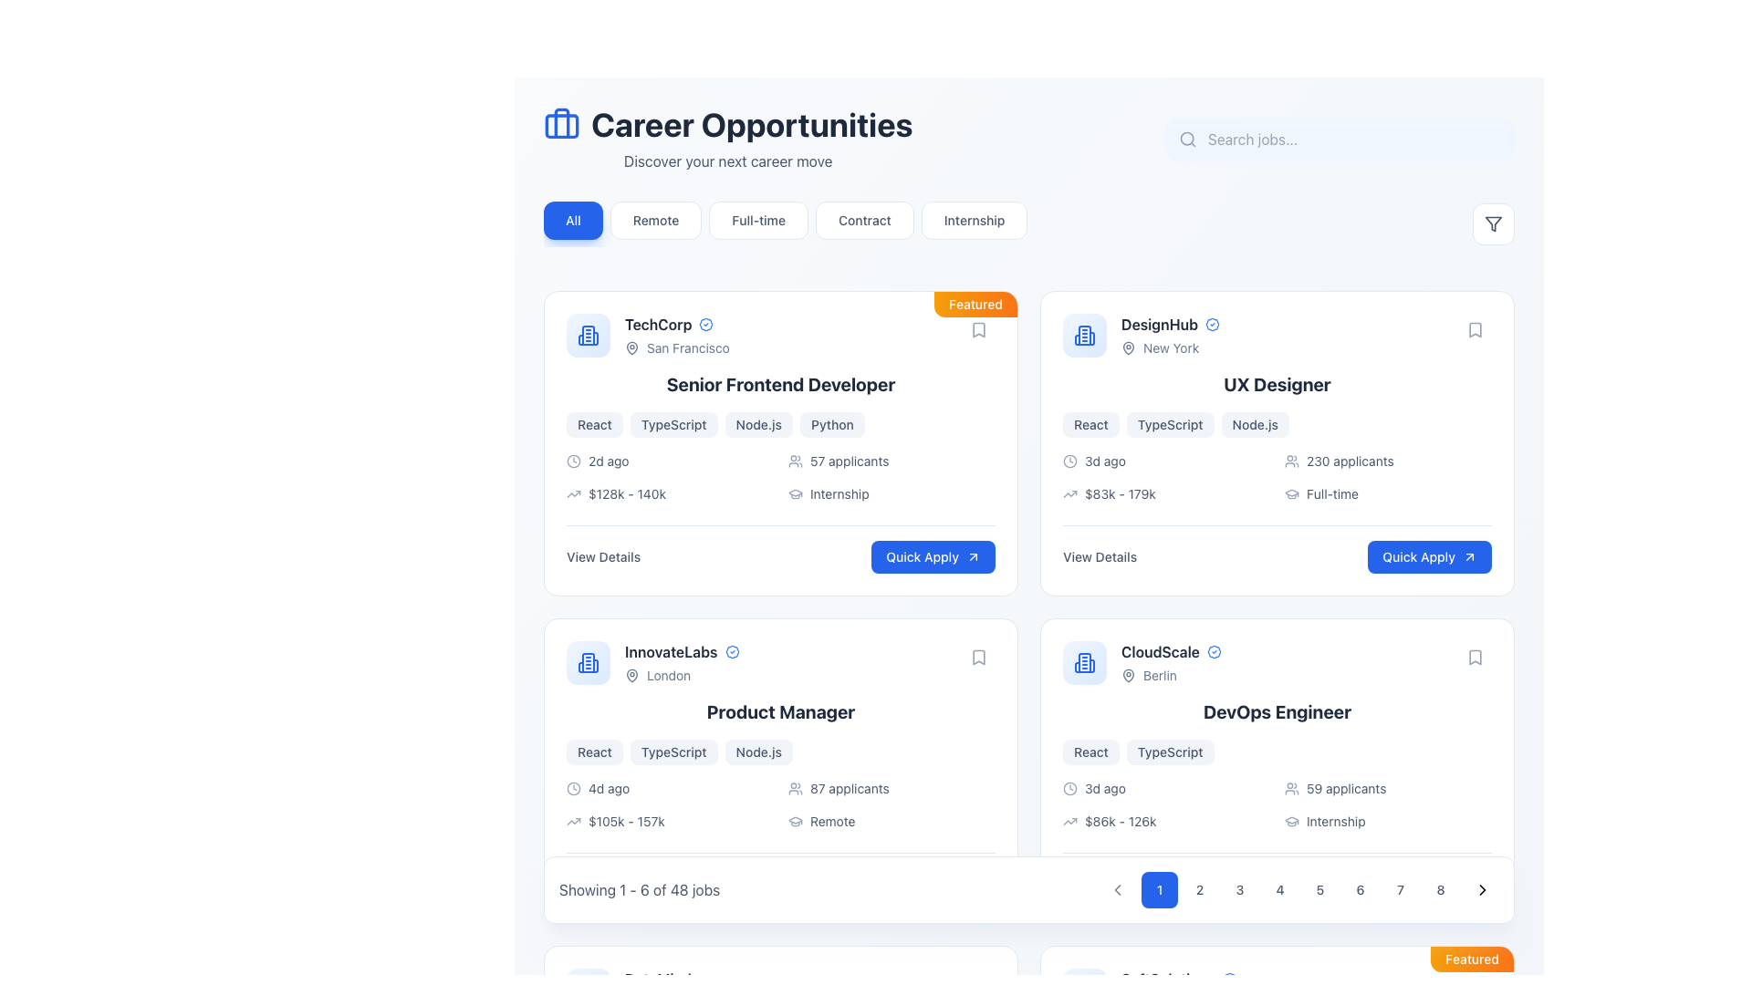 The height and width of the screenshot is (985, 1752). What do you see at coordinates (975, 304) in the screenshot?
I see `the non-interactive badge marking the job listing for 'Senior Frontend Developer' at 'TechCorp, San Francisco'` at bounding box center [975, 304].